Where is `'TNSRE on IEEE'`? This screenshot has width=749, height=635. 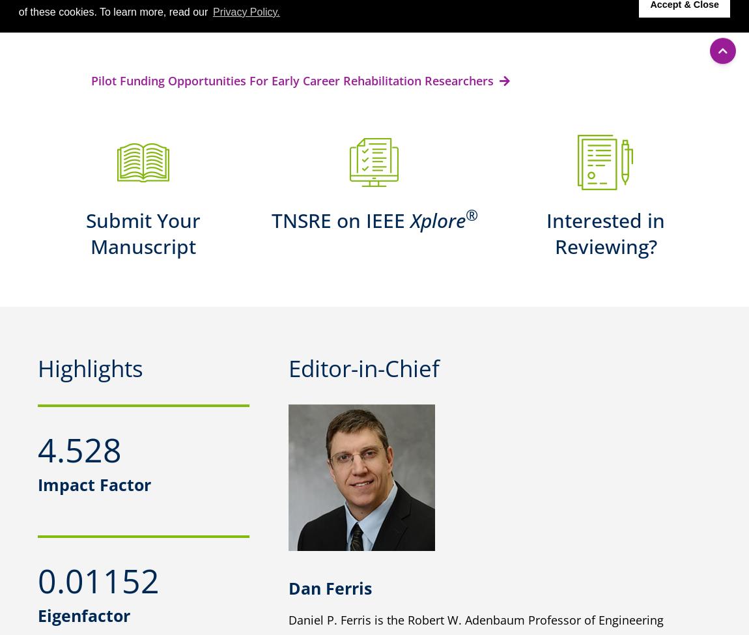 'TNSRE on IEEE' is located at coordinates (340, 219).